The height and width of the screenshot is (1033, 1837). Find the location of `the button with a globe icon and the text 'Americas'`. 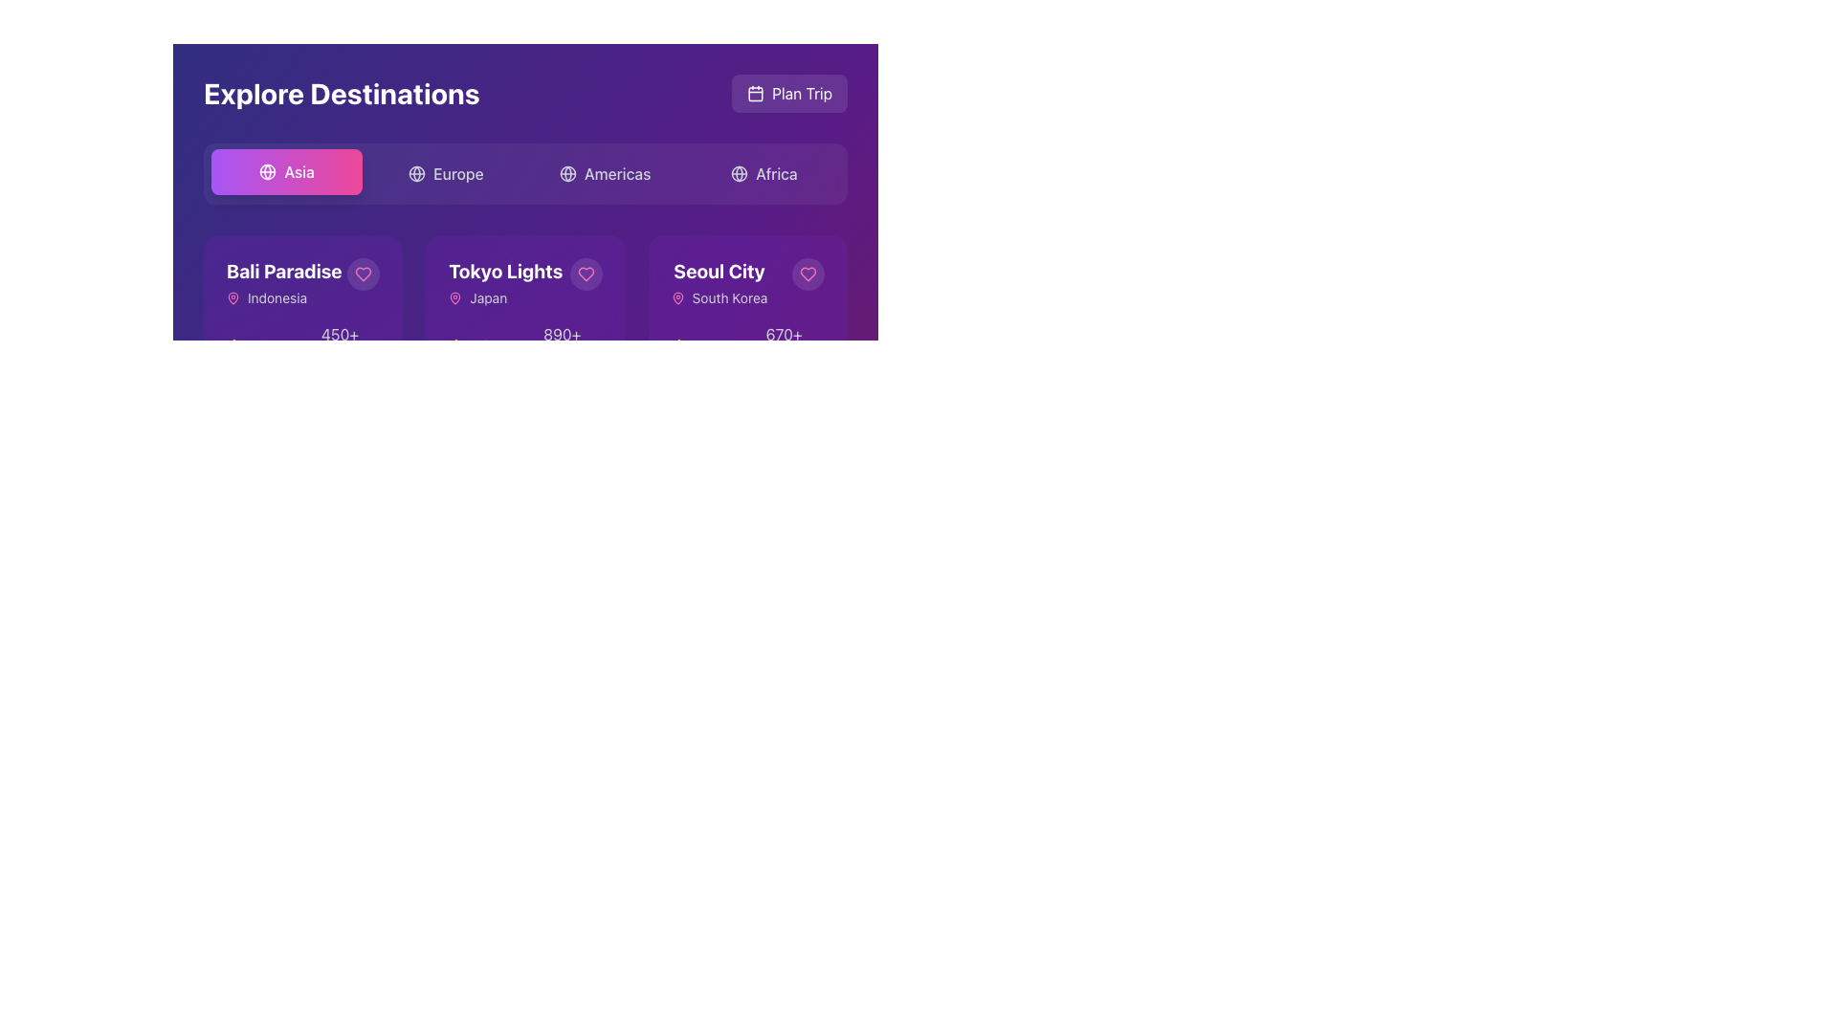

the button with a globe icon and the text 'Americas' is located at coordinates (604, 173).